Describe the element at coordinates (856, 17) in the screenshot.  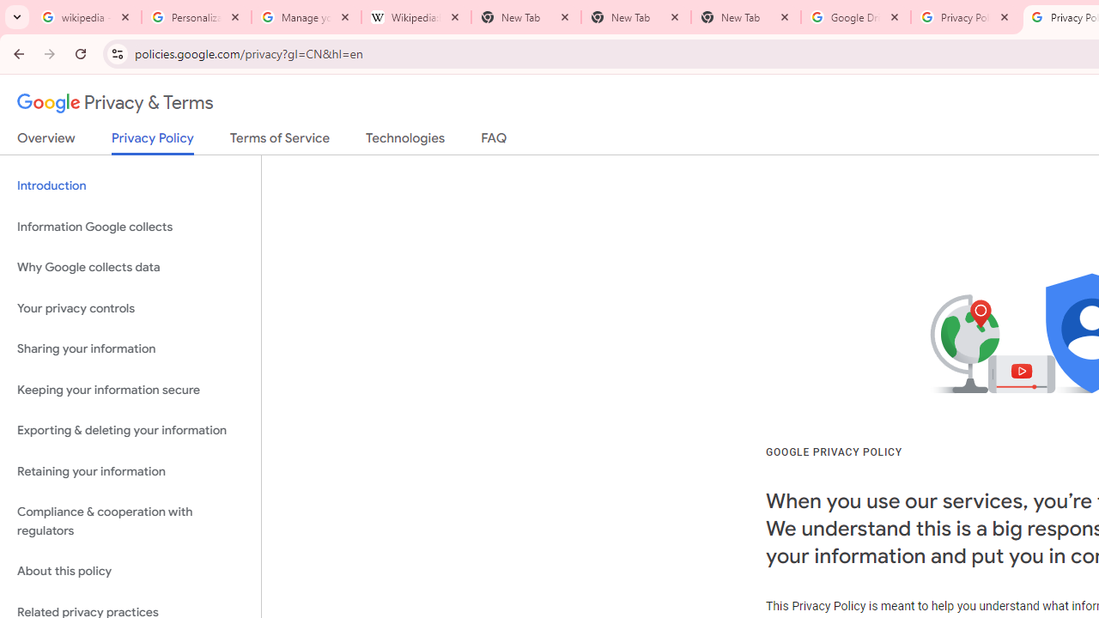
I see `'Google Drive: Sign-in'` at that location.